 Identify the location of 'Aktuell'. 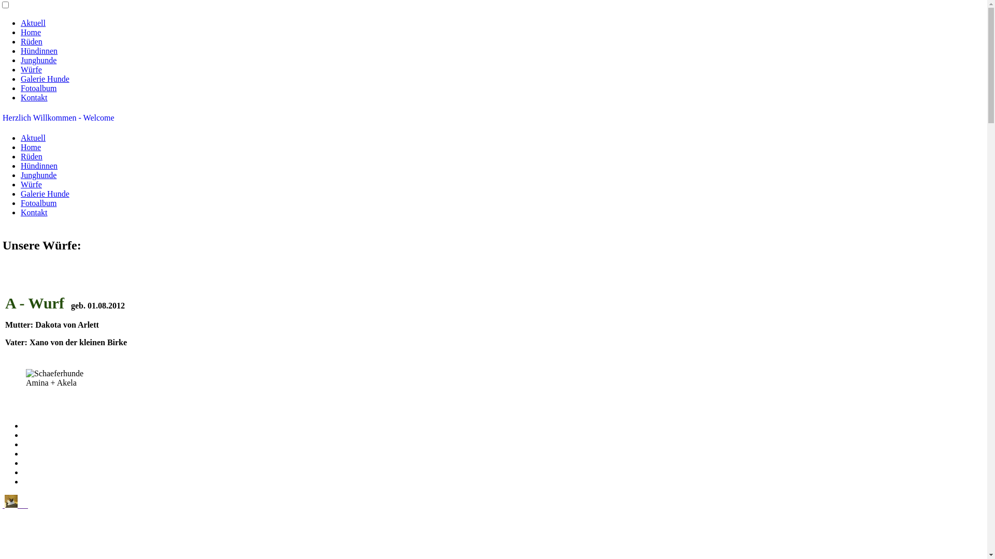
(33, 23).